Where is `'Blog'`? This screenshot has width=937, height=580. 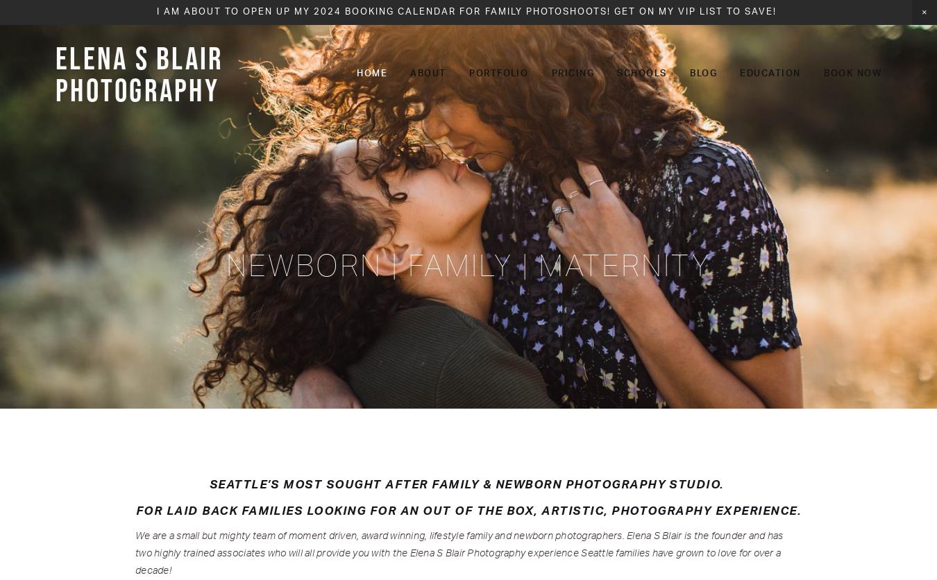
'Blog' is located at coordinates (703, 73).